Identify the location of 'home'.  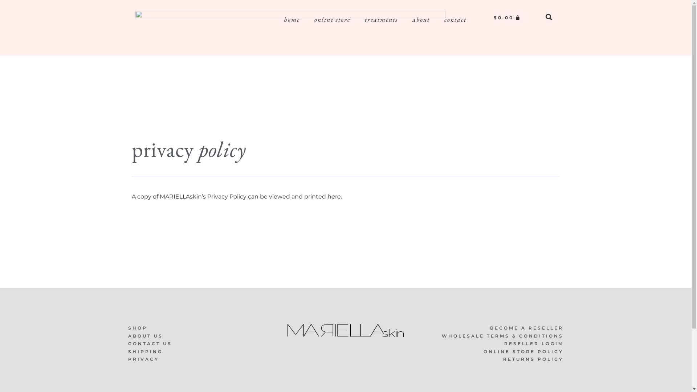
(292, 19).